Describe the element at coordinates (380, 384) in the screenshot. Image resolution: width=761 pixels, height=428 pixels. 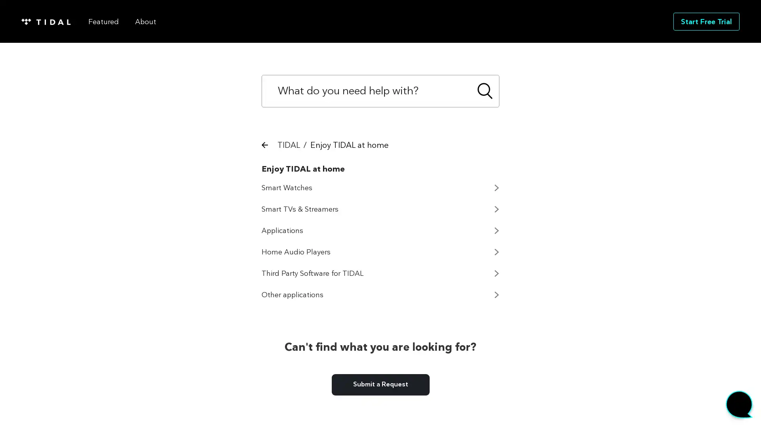
I see `Submit a Request` at that location.